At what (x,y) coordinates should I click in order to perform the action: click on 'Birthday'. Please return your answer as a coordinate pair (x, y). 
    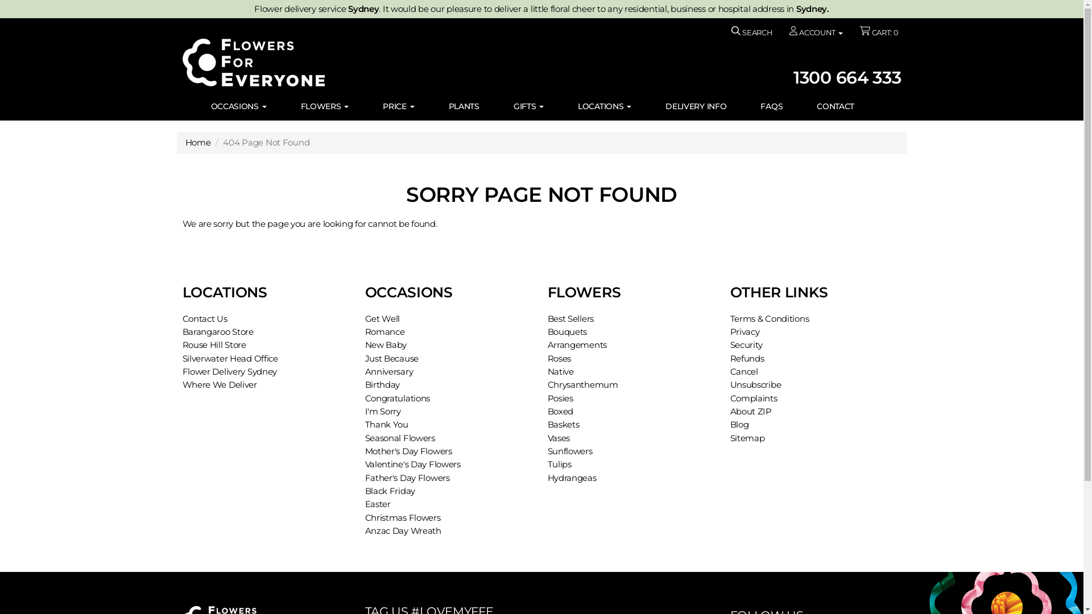
    Looking at the image, I should click on (365, 384).